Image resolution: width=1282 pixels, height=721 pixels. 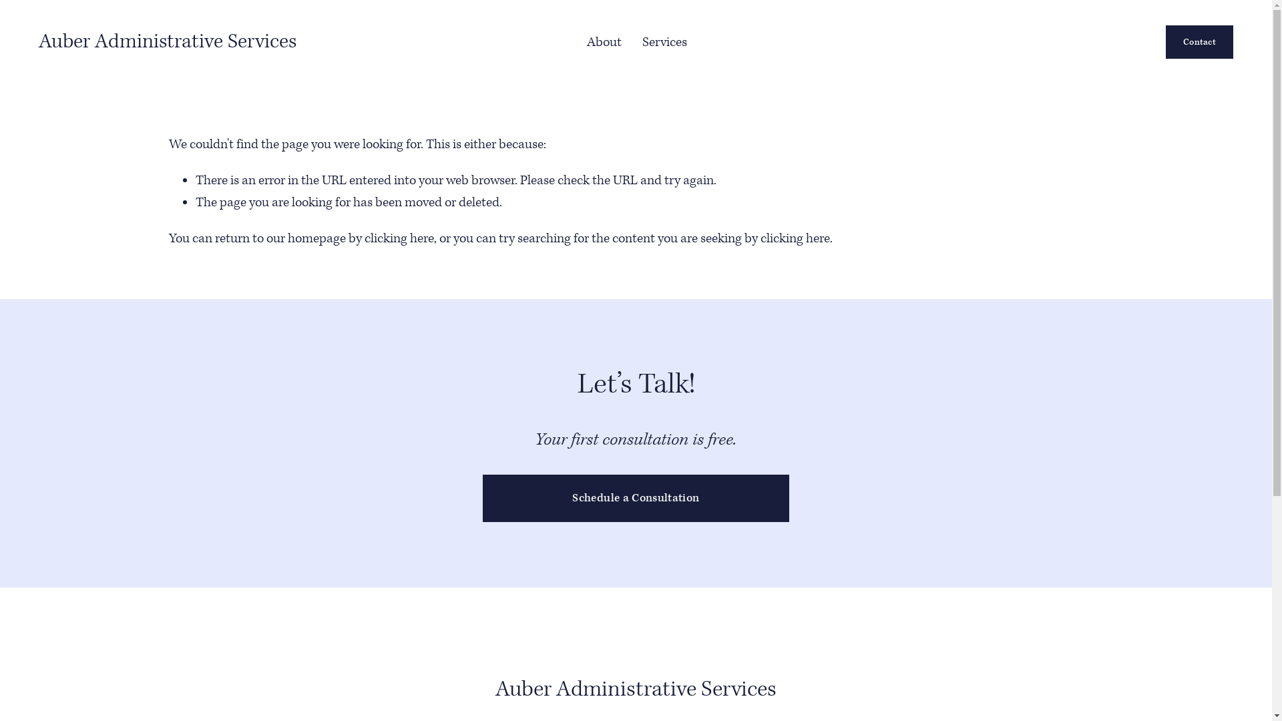 What do you see at coordinates (642, 41) in the screenshot?
I see `'Services'` at bounding box center [642, 41].